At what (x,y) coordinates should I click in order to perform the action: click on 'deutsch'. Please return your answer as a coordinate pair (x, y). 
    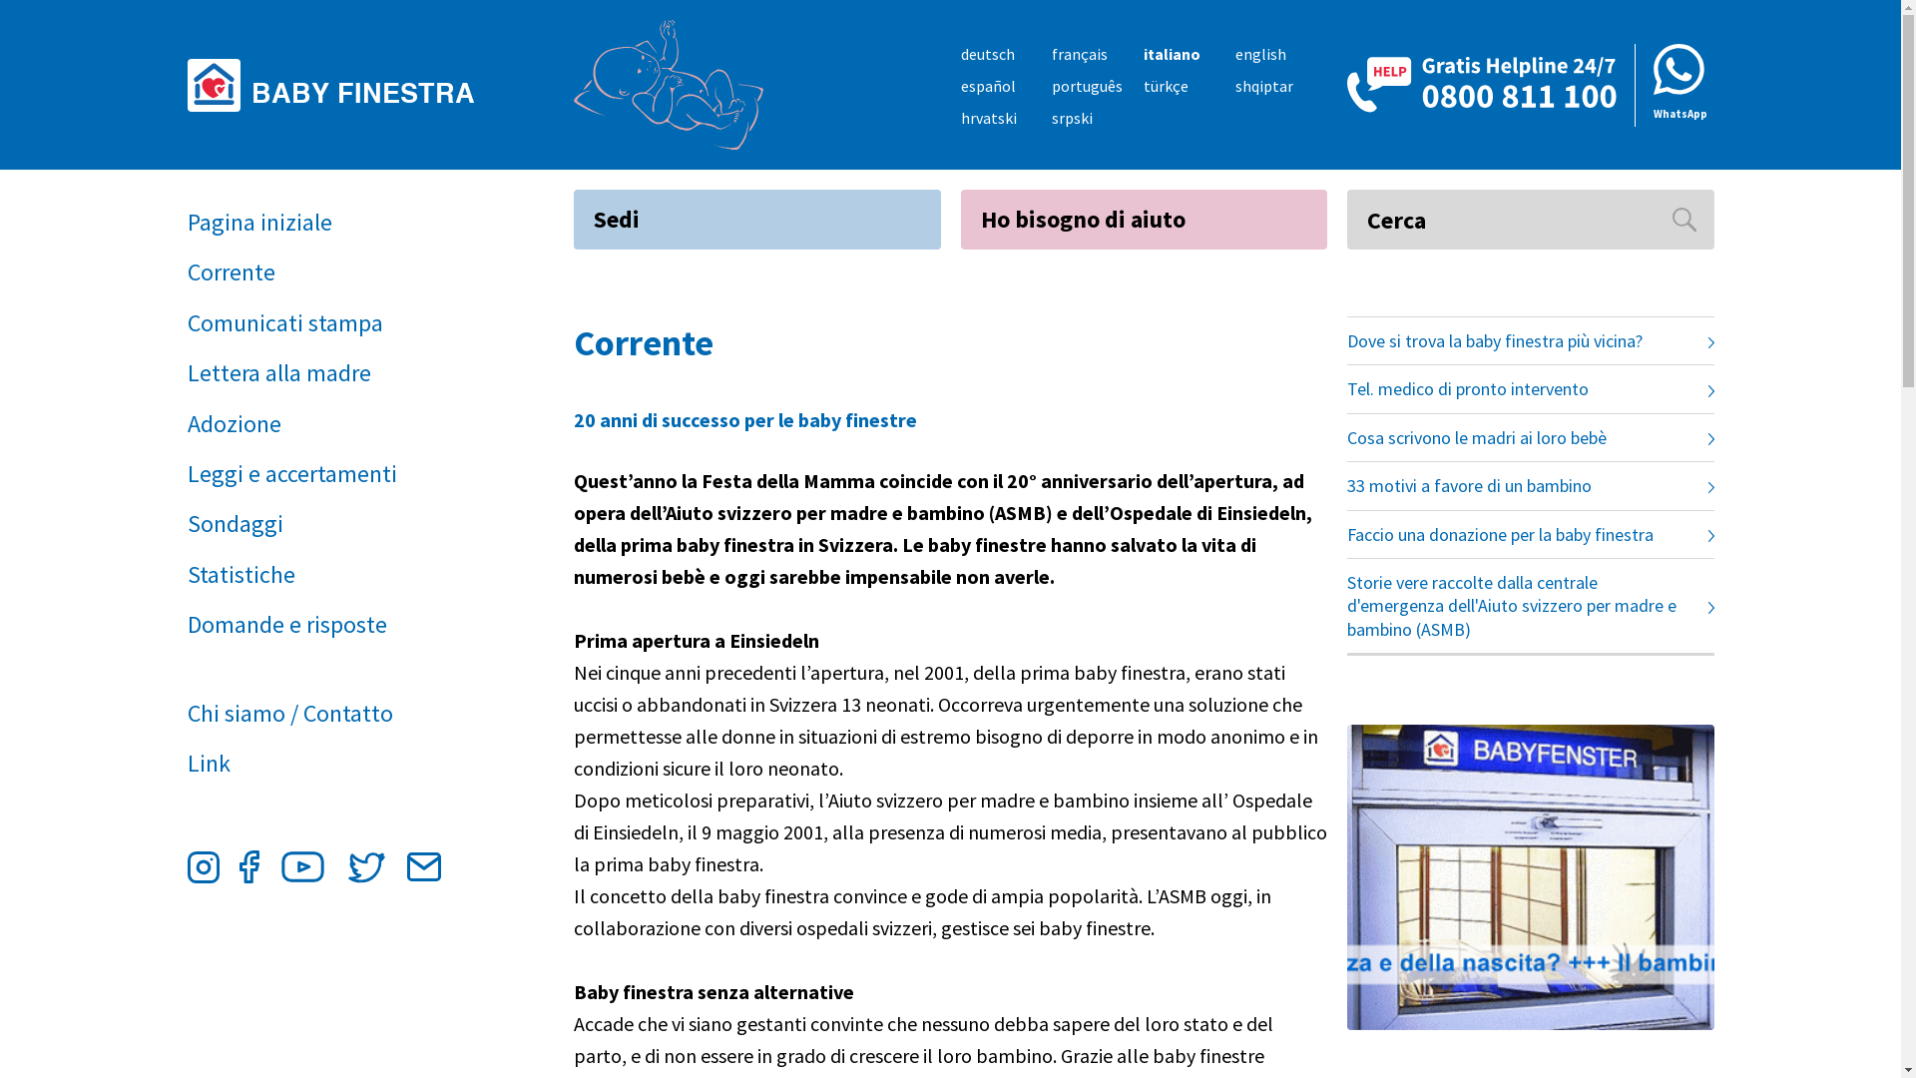
    Looking at the image, I should click on (986, 53).